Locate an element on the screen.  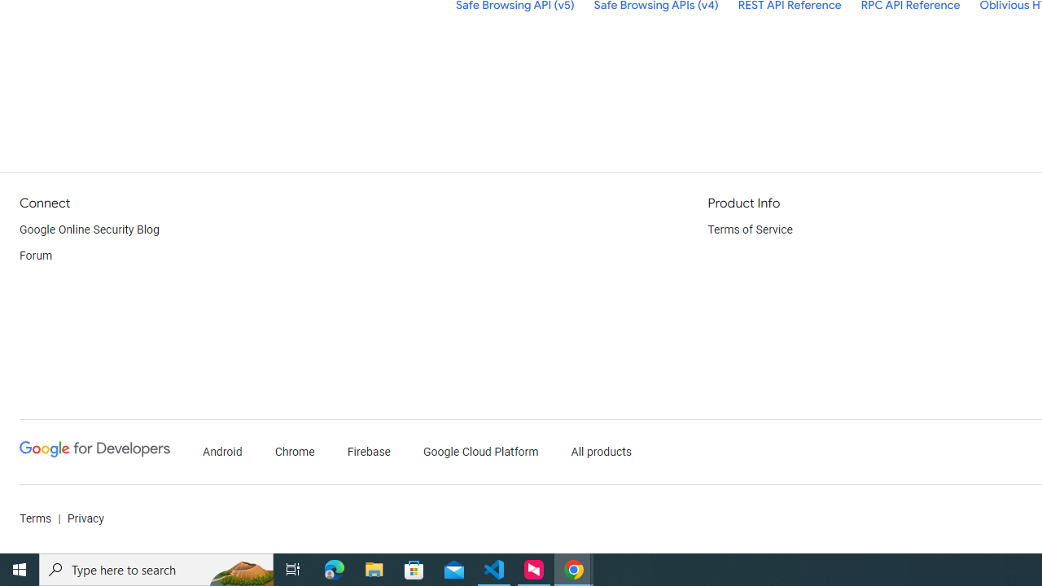
'Android' is located at coordinates (221, 452).